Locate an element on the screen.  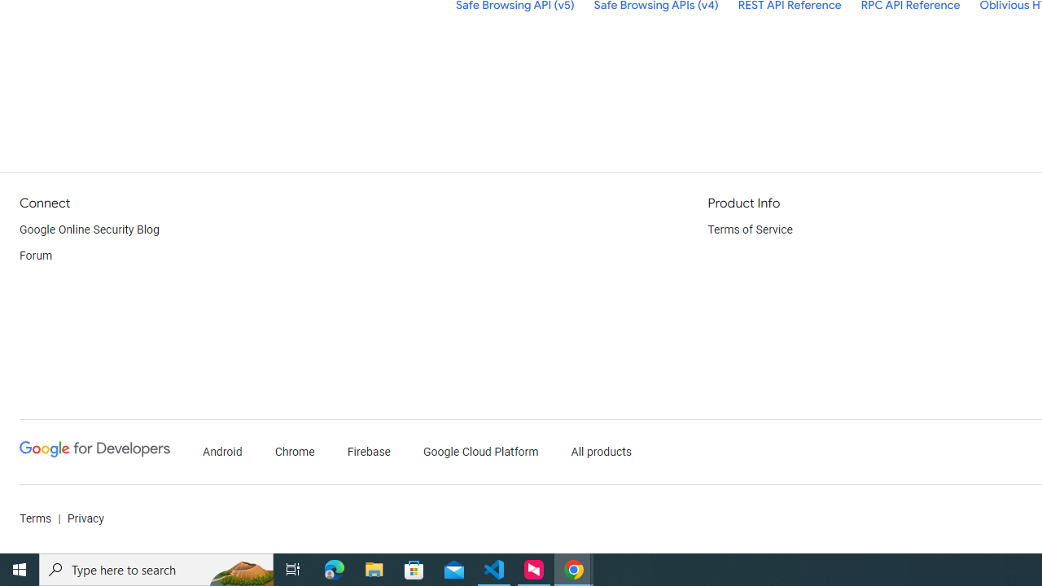
'Android' is located at coordinates (221, 452).